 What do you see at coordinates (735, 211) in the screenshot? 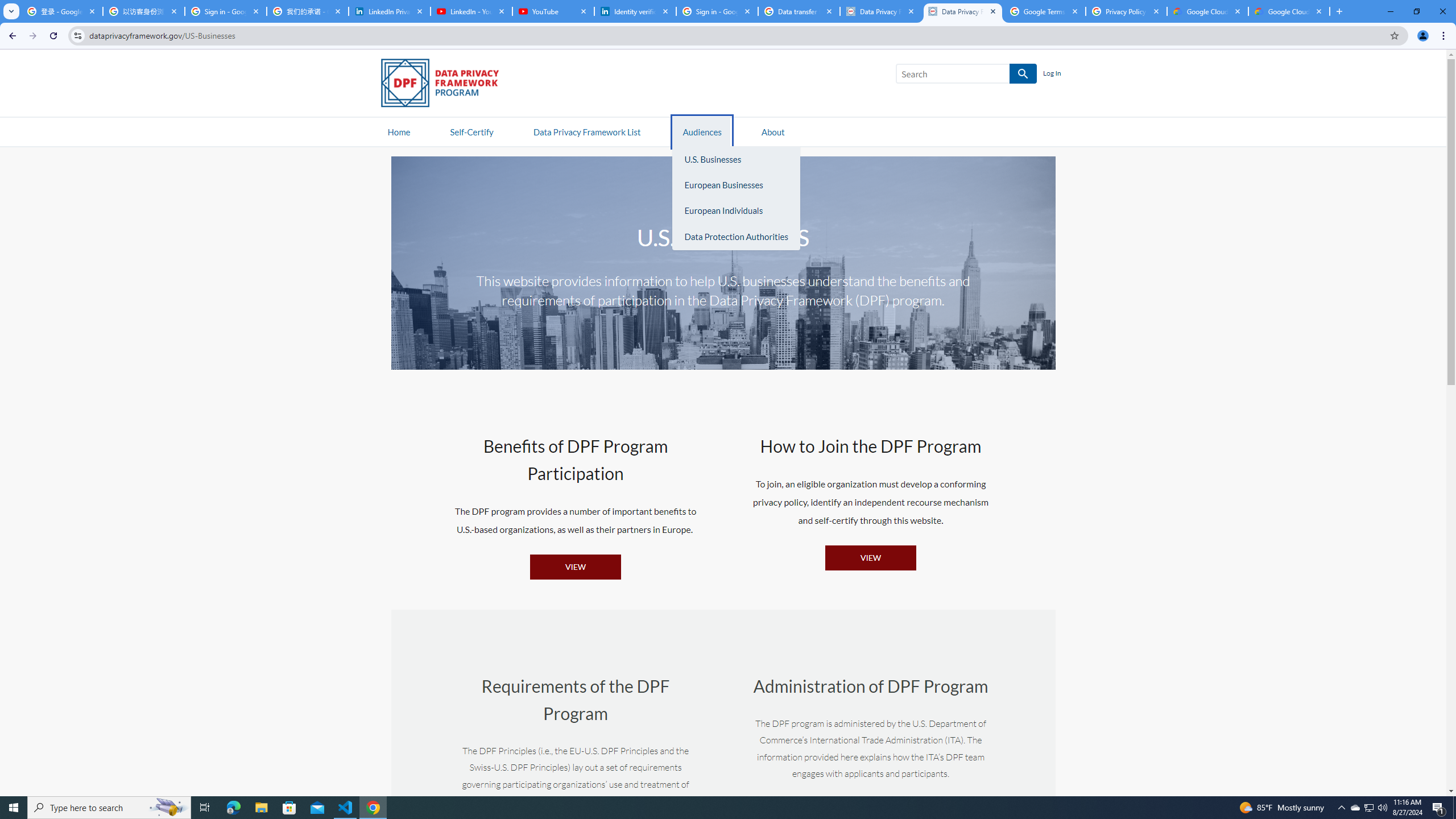
I see `'European Individuals'` at bounding box center [735, 211].